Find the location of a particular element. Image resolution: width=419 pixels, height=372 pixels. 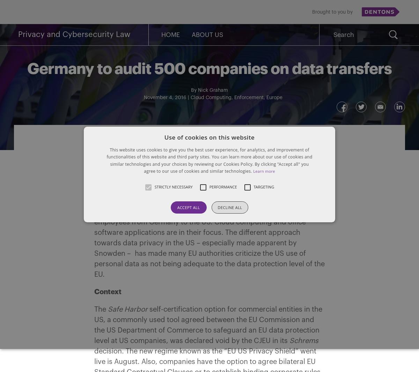

'The German data protection authorities have announced today that they have chosen 500 companies throughout Germany to audit their transfer of personal data to the US and other countries (eg. India).  The targets were chosen by random and cover small, medium-size and also large companies known to transfer data of their customers or employees from Germany to the US. Cloud computing and office software applications are in their focus. The different approach towards data privacy in the US – especially made apparent by Snowden –  has made many EU authorities criticize the US use of personal data as not being adequate to the data protection level of the EU.' is located at coordinates (209, 222).